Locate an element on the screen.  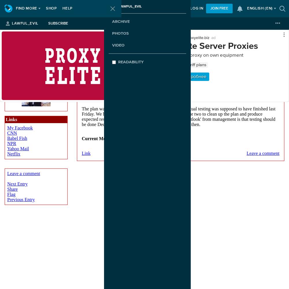
'Lawful Evil' is located at coordinates (36, 41).